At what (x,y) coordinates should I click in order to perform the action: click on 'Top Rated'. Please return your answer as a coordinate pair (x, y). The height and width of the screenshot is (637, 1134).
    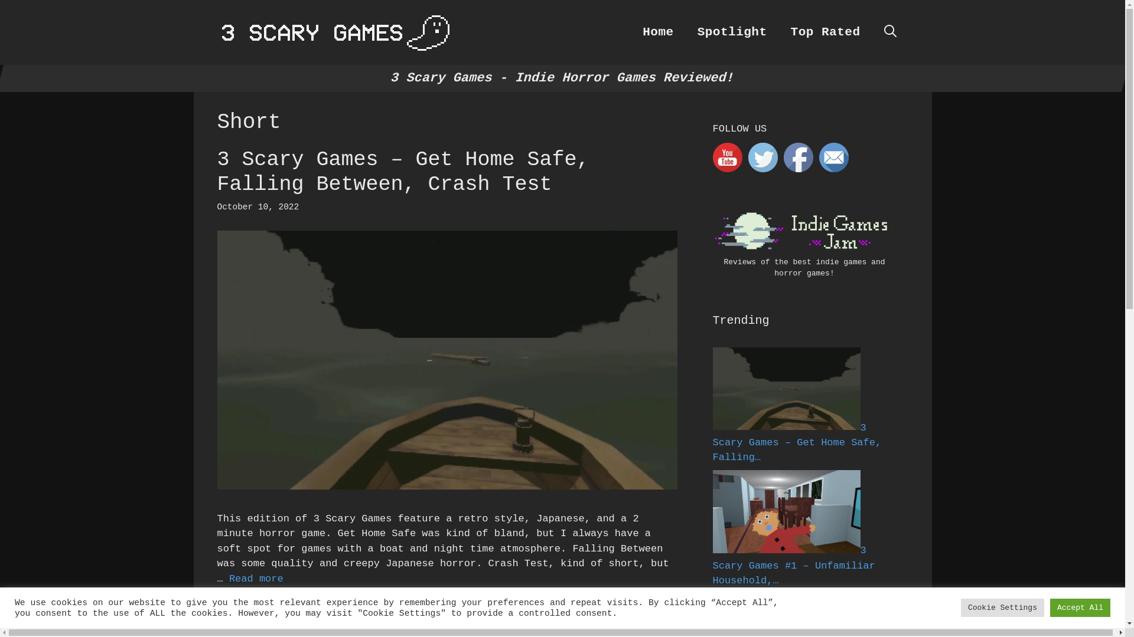
    Looking at the image, I should click on (825, 31).